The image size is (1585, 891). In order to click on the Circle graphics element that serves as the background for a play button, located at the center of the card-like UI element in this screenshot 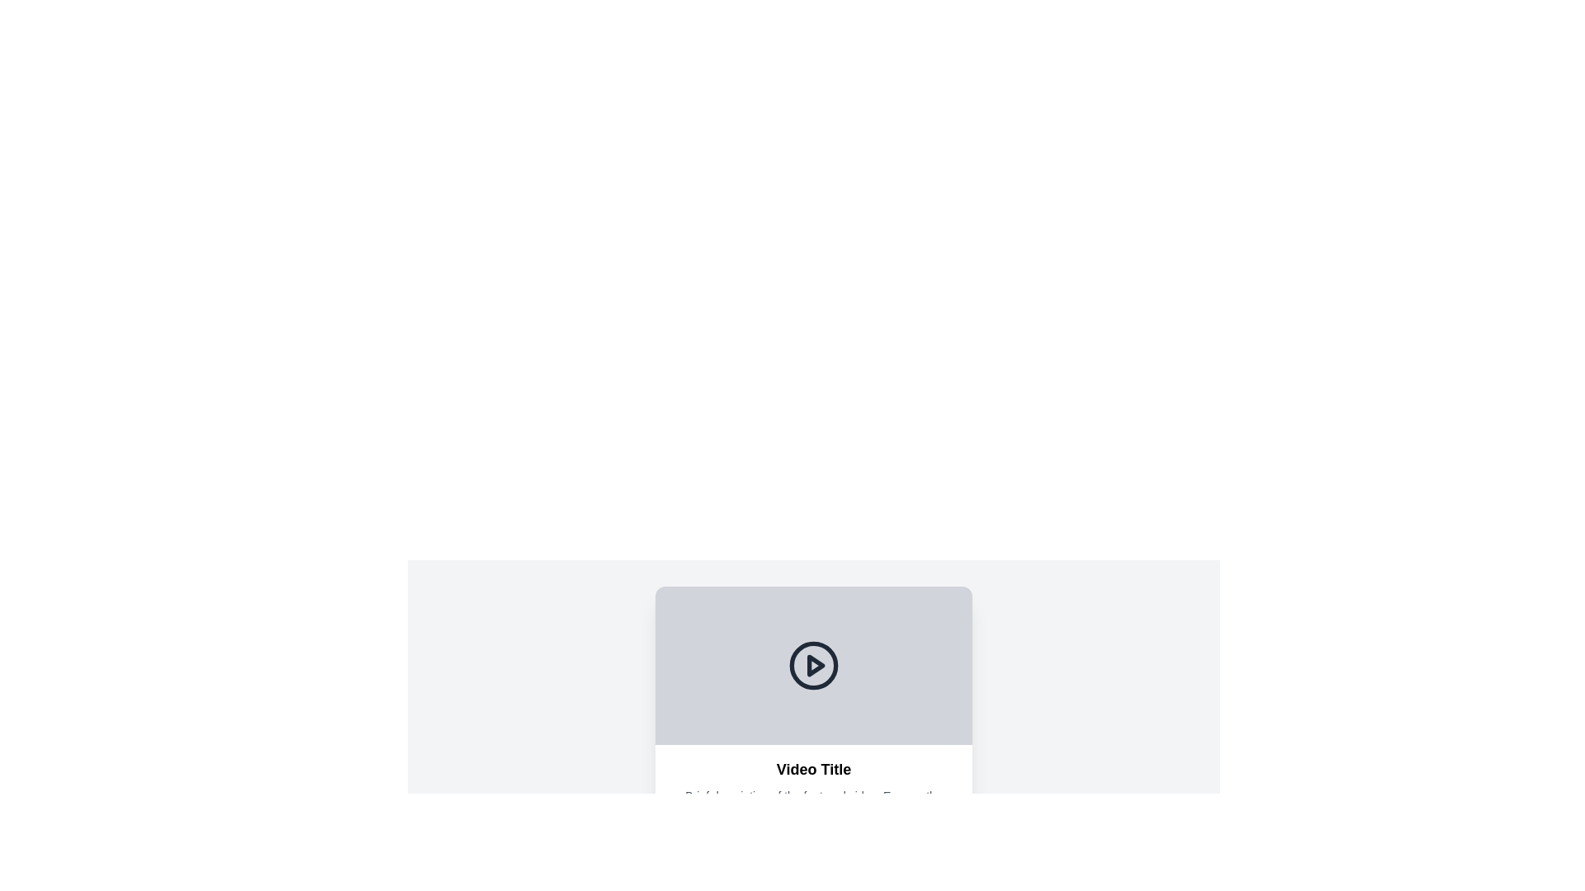, I will do `click(813, 664)`.